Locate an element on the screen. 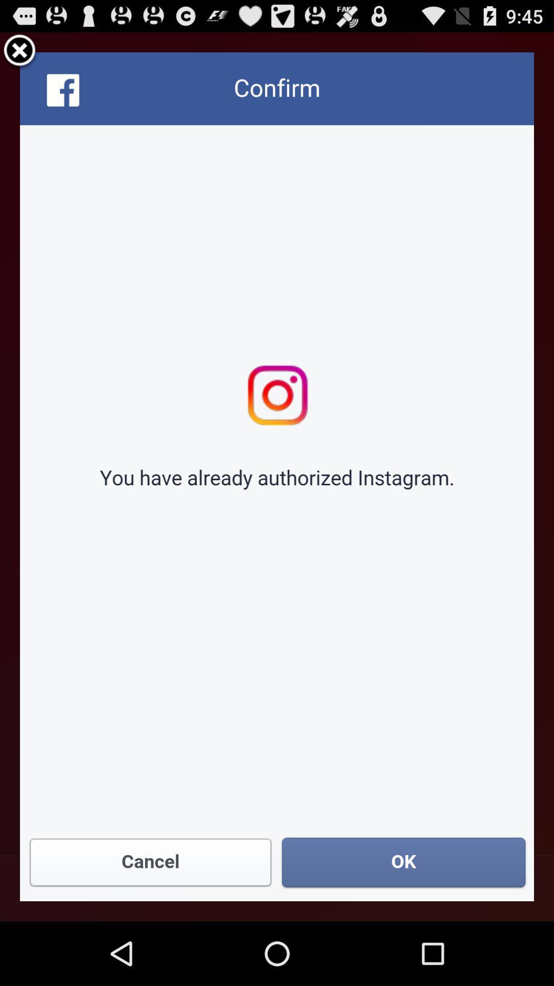 The image size is (554, 986). cancel page is located at coordinates (19, 51).